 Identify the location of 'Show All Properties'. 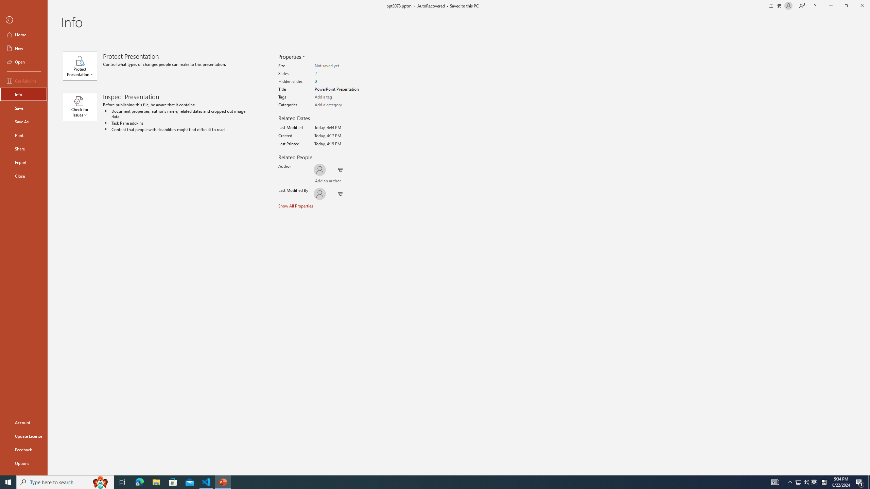
(296, 205).